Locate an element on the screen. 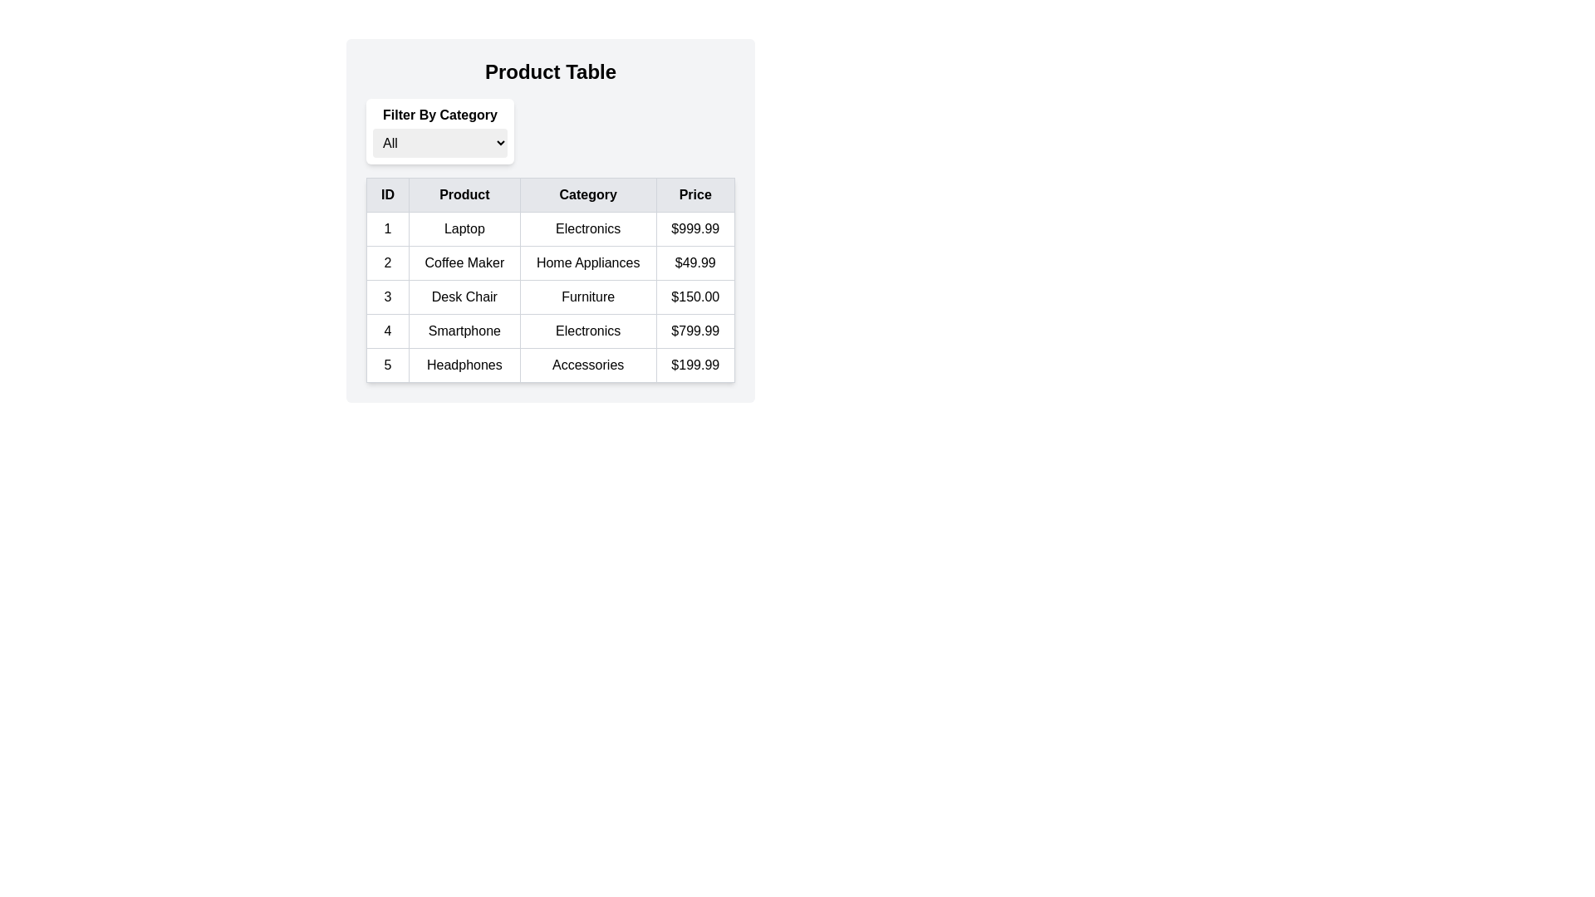 This screenshot has width=1595, height=897. the table cell displaying the numeral '2' in black text on a white background, positioned in the second row of the table under the 'ID' column is located at coordinates (386, 262).